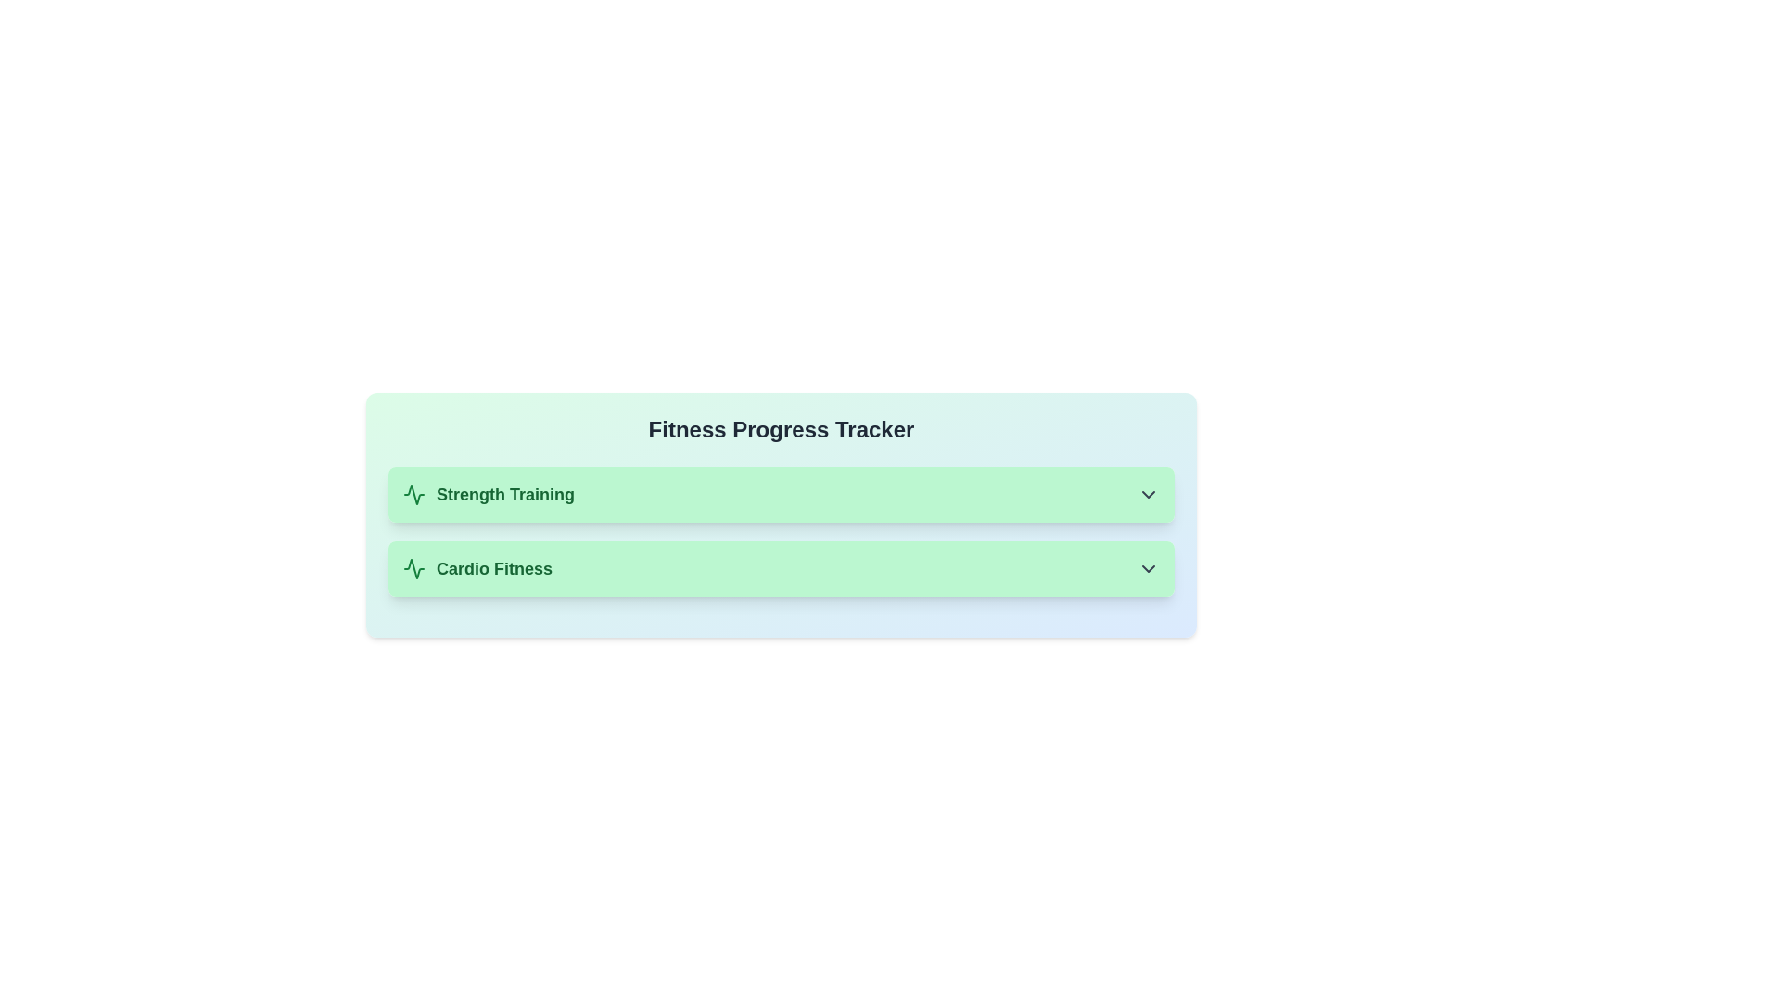 The image size is (1780, 1001). I want to click on the 'Strength Training' label with icon located at the top-left of the green-colored card interface, so click(489, 493).